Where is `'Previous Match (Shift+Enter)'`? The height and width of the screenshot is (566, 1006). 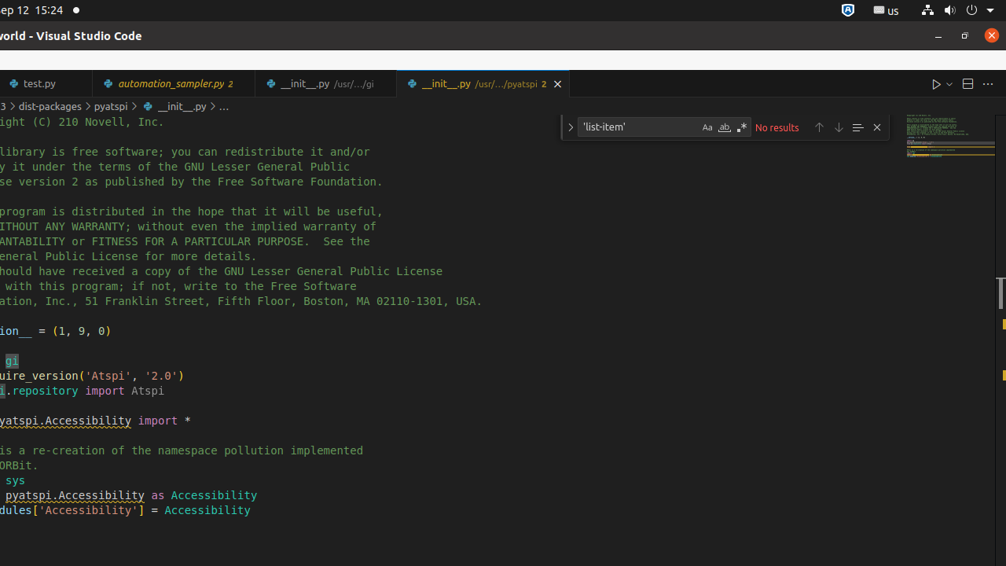 'Previous Match (Shift+Enter)' is located at coordinates (818, 126).